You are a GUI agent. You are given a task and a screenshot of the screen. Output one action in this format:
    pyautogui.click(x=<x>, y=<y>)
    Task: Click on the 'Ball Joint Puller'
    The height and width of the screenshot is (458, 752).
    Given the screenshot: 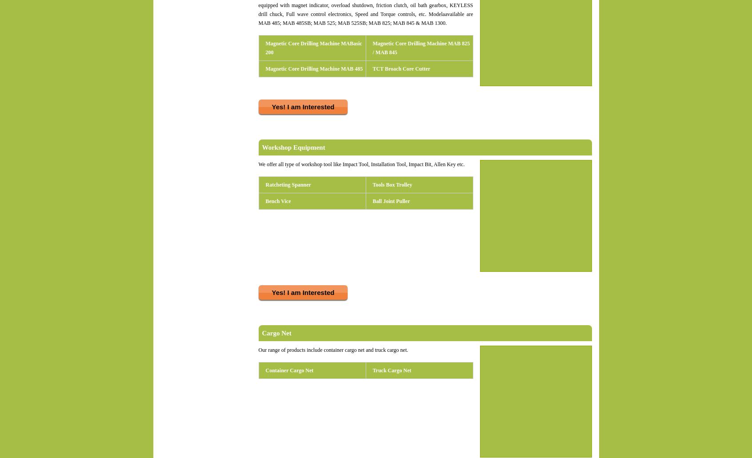 What is the action you would take?
    pyautogui.click(x=391, y=201)
    